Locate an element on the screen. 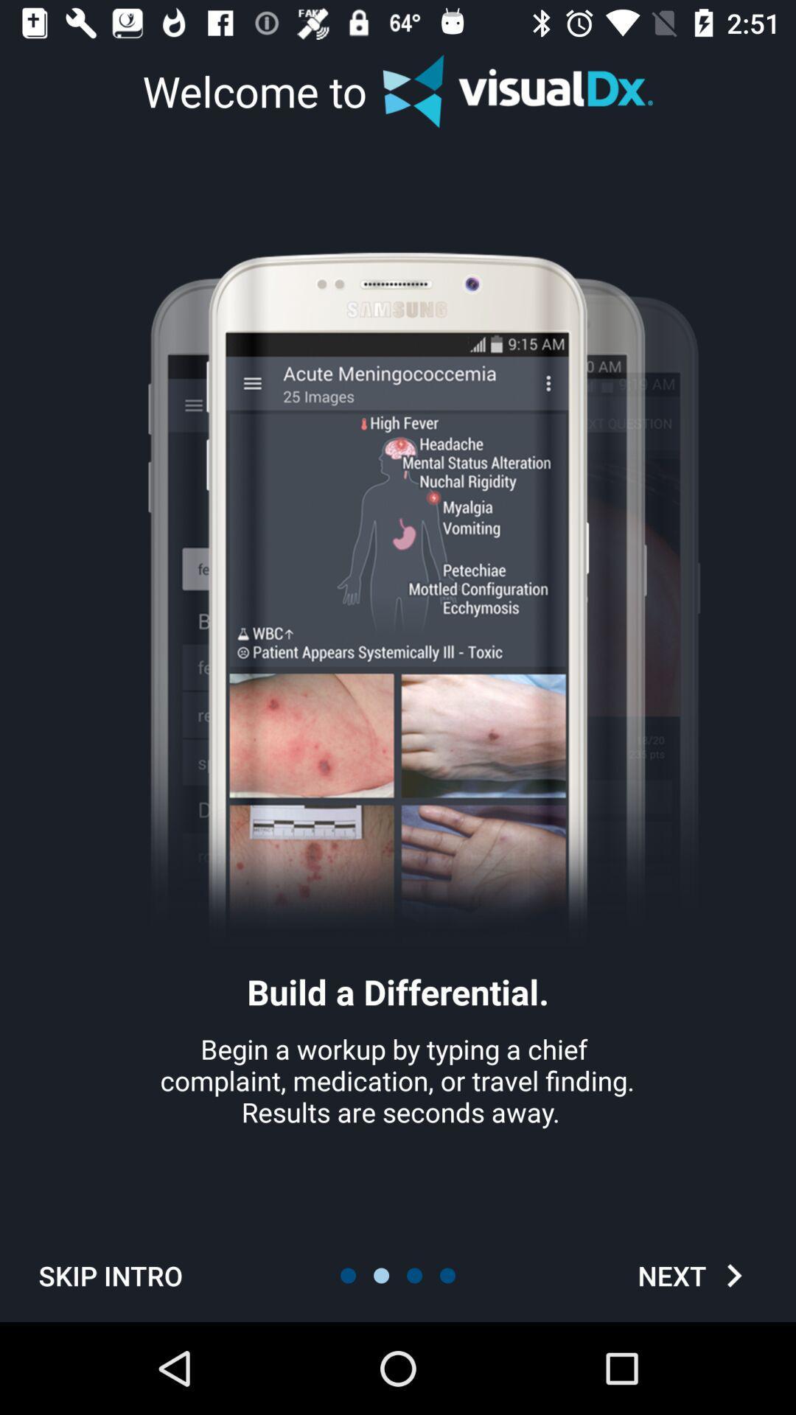 The height and width of the screenshot is (1415, 796). skip intro icon is located at coordinates (110, 1275).